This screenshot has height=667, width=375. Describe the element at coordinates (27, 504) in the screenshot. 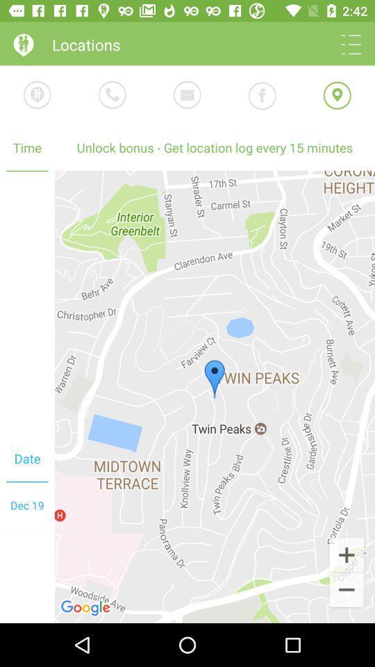

I see `dec 19 item` at that location.